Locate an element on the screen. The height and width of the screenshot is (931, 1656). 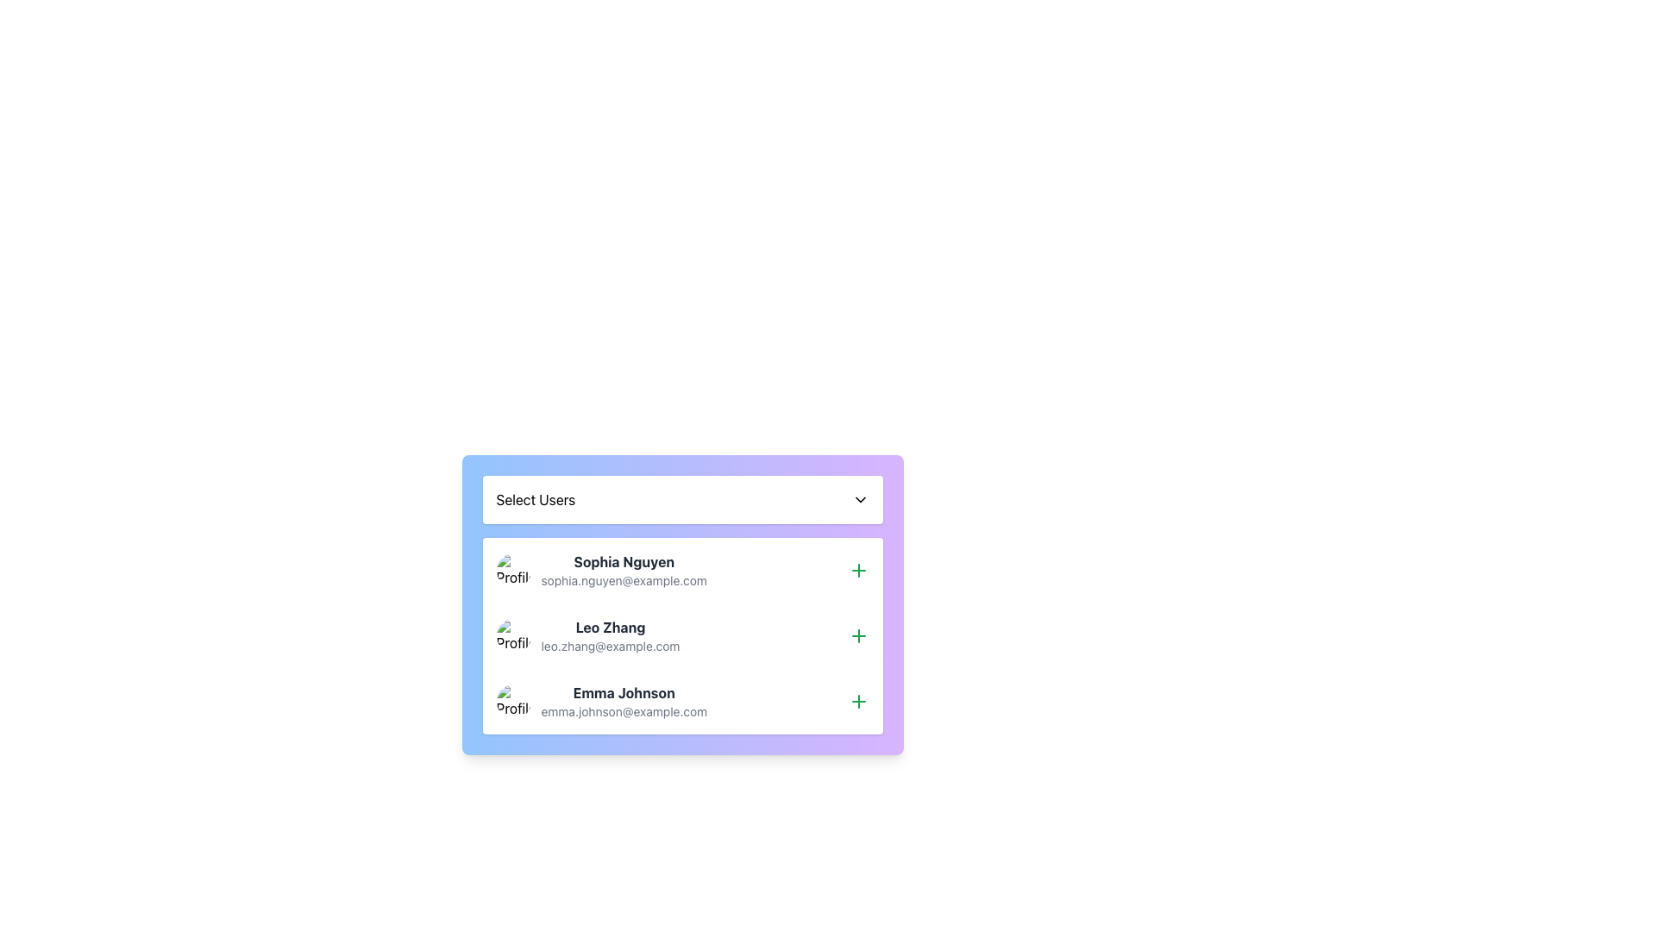
the user entries in the dropdown component labeled 'Select Users' which is visually represented by a gradient card transitioning from blue to purple is located at coordinates (681, 604).